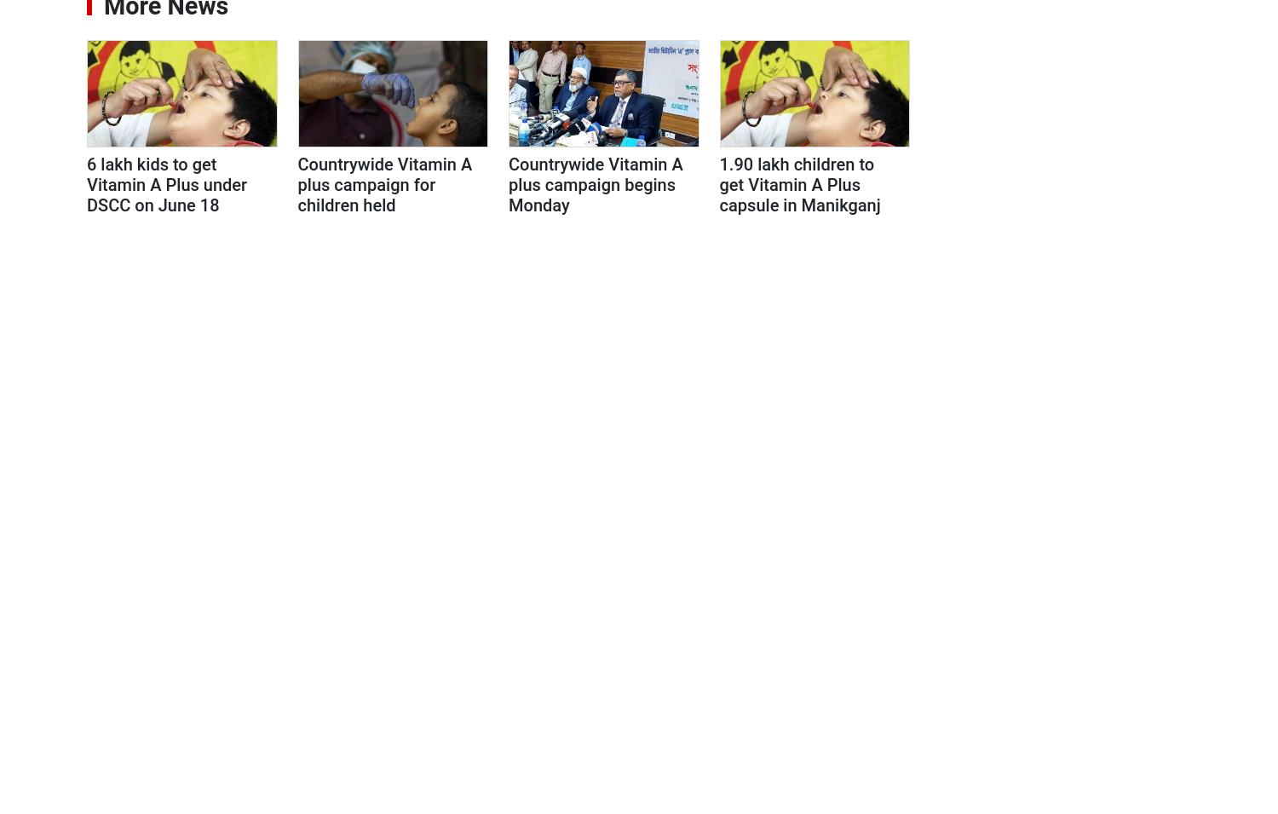 The width and height of the screenshot is (1278, 814). What do you see at coordinates (1079, 763) in the screenshot?
I see `'Peter Haas expresses concern over violent speech against his embassy officials'` at bounding box center [1079, 763].